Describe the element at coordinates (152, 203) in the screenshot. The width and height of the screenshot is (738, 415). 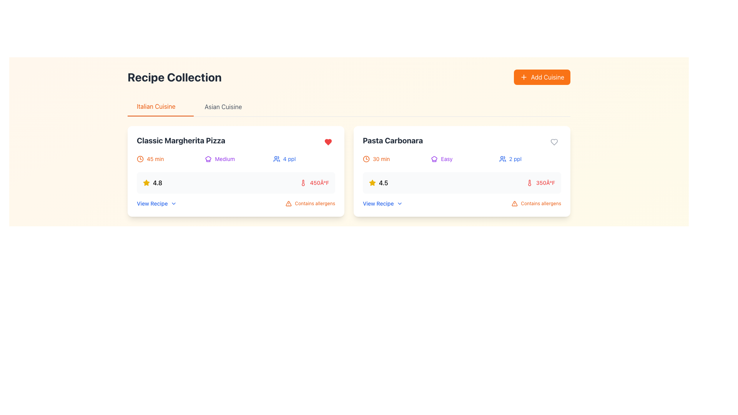
I see `the blue text label reading 'View Recipe' located at the bottom of the left recipe card to change its visual state` at that location.